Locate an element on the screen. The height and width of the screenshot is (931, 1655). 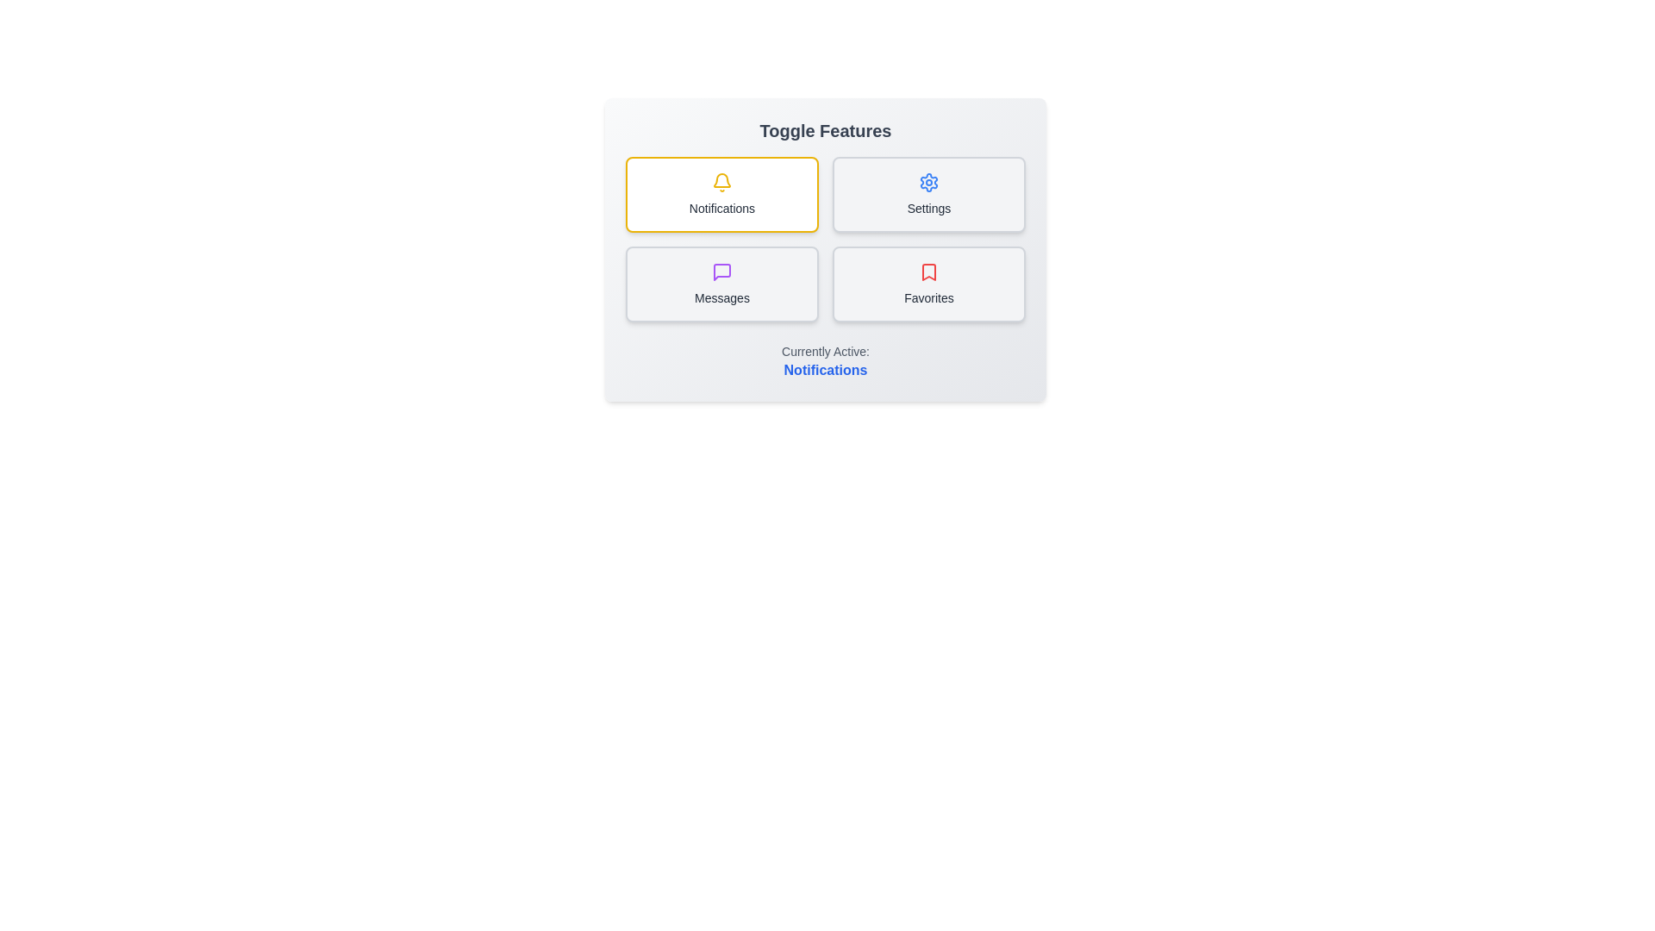
the header text to focus on it is located at coordinates (825, 129).